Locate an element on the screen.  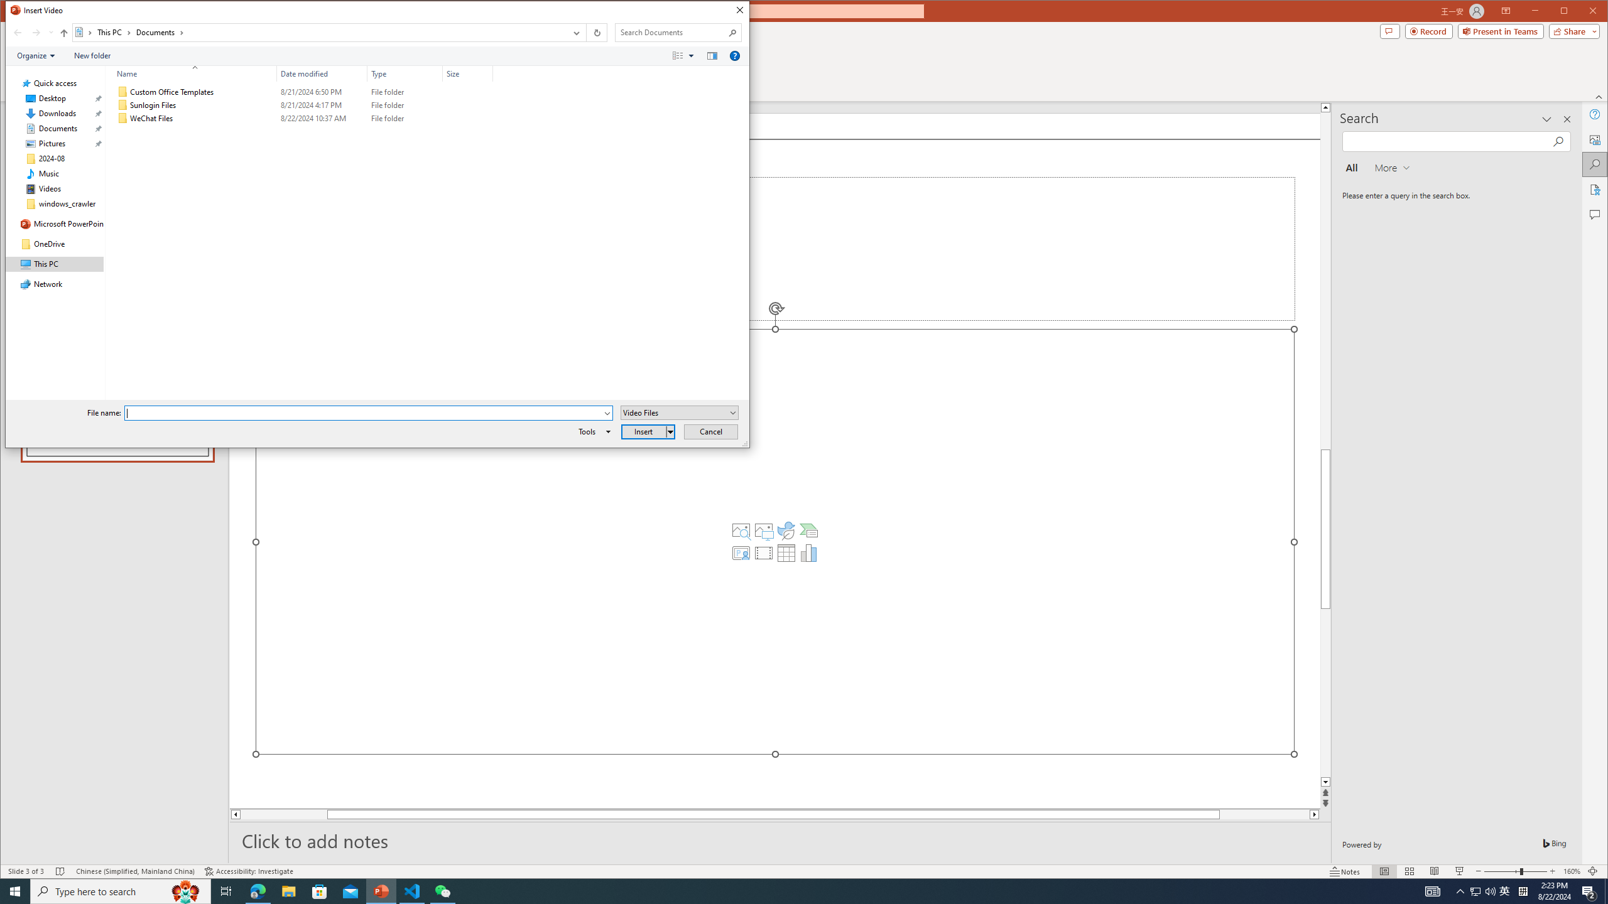
'Up to "This PC" (Alt + Up Arrow)' is located at coordinates (63, 32).